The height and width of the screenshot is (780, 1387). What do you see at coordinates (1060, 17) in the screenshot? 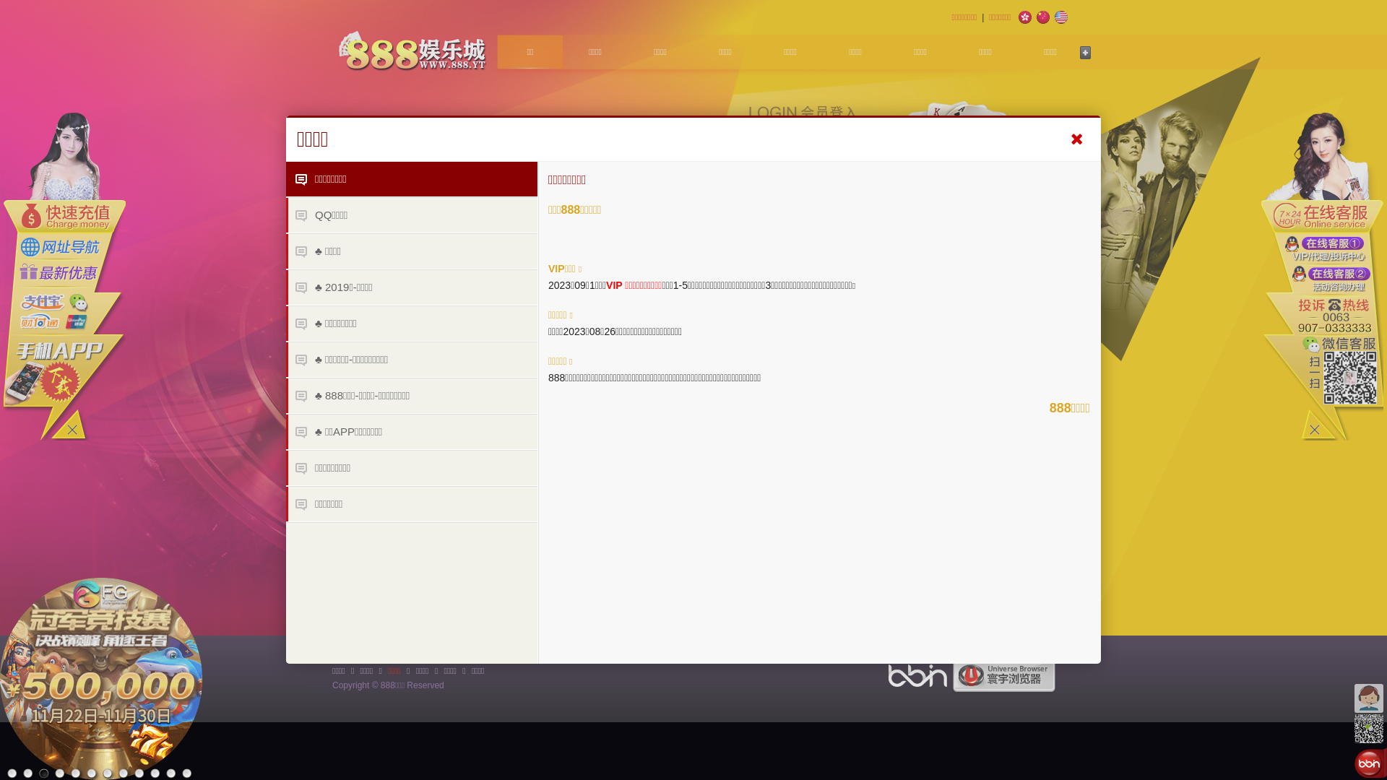
I see `'English'` at bounding box center [1060, 17].